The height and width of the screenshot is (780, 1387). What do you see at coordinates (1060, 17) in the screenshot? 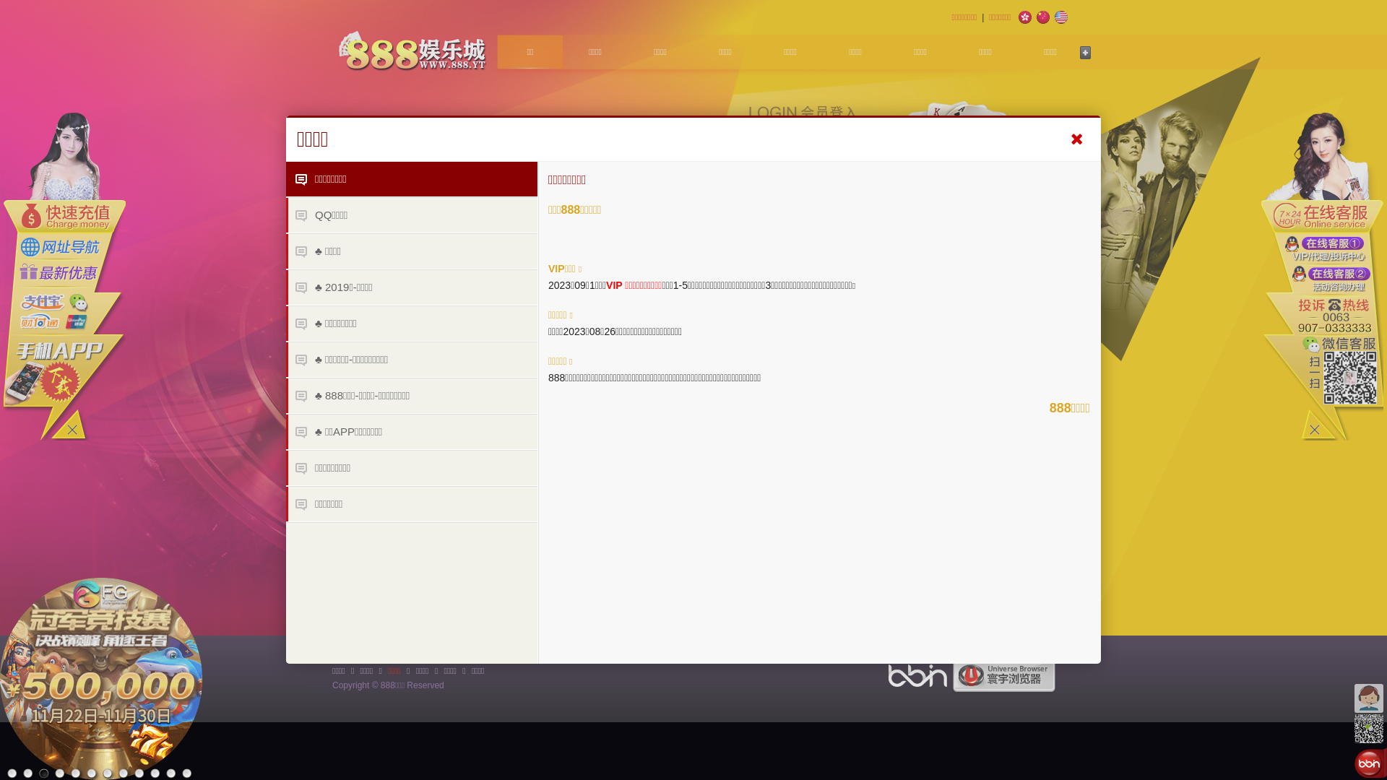
I see `'English'` at bounding box center [1060, 17].